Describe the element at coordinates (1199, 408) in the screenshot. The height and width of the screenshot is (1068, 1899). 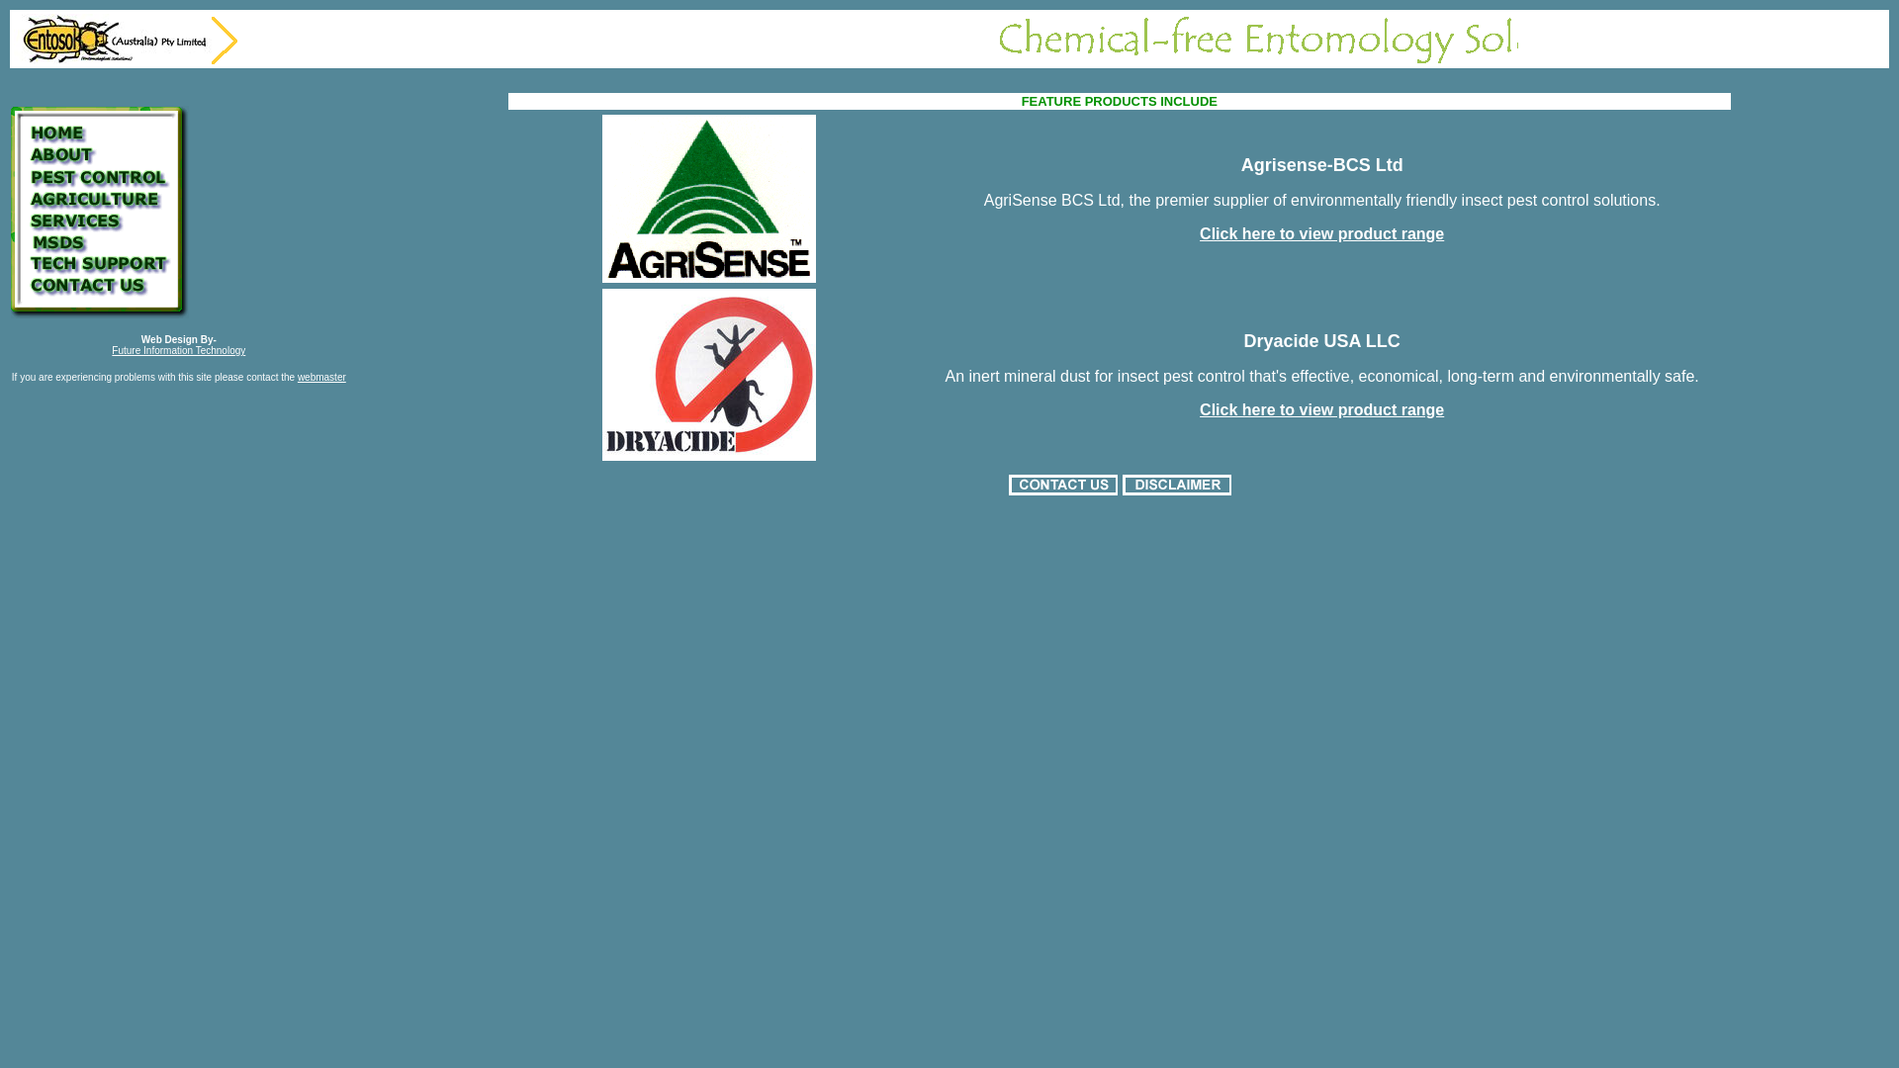
I see `'Click here to view product range'` at that location.